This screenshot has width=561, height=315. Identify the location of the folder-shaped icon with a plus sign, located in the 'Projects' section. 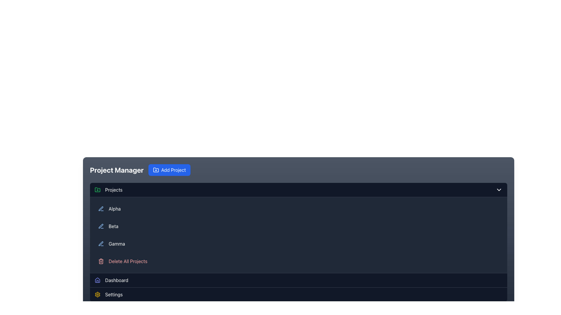
(98, 190).